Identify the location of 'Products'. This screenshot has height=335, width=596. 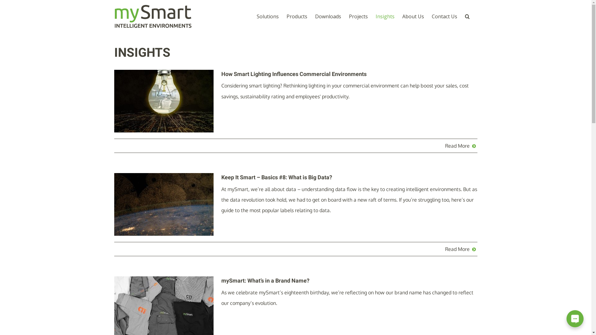
(296, 16).